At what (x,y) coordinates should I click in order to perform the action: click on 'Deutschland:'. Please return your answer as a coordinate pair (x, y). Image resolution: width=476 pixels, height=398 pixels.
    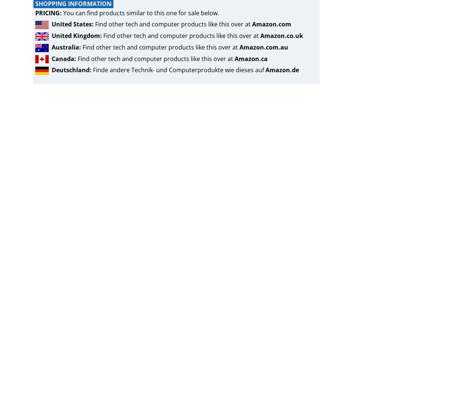
    Looking at the image, I should click on (71, 70).